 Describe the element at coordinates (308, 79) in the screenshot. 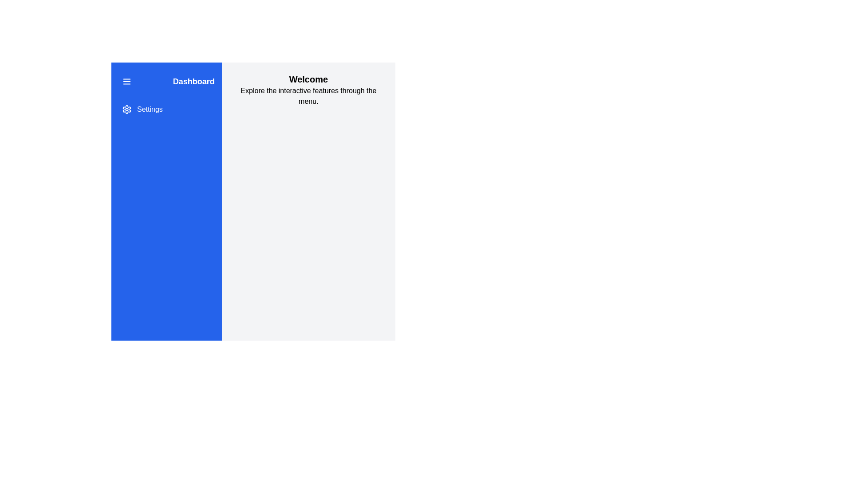

I see `the 'Welcome' text label located at the top of the gray background section in the header area` at that location.